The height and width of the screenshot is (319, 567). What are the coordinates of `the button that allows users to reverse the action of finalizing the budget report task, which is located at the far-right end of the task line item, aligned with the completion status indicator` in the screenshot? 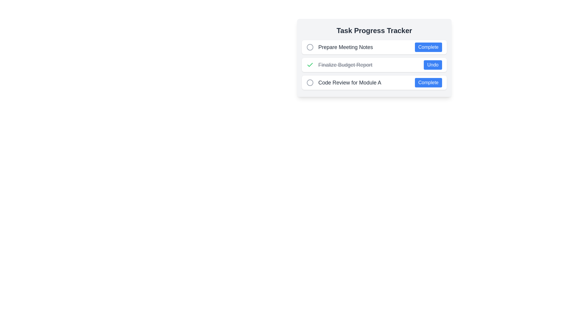 It's located at (433, 65).